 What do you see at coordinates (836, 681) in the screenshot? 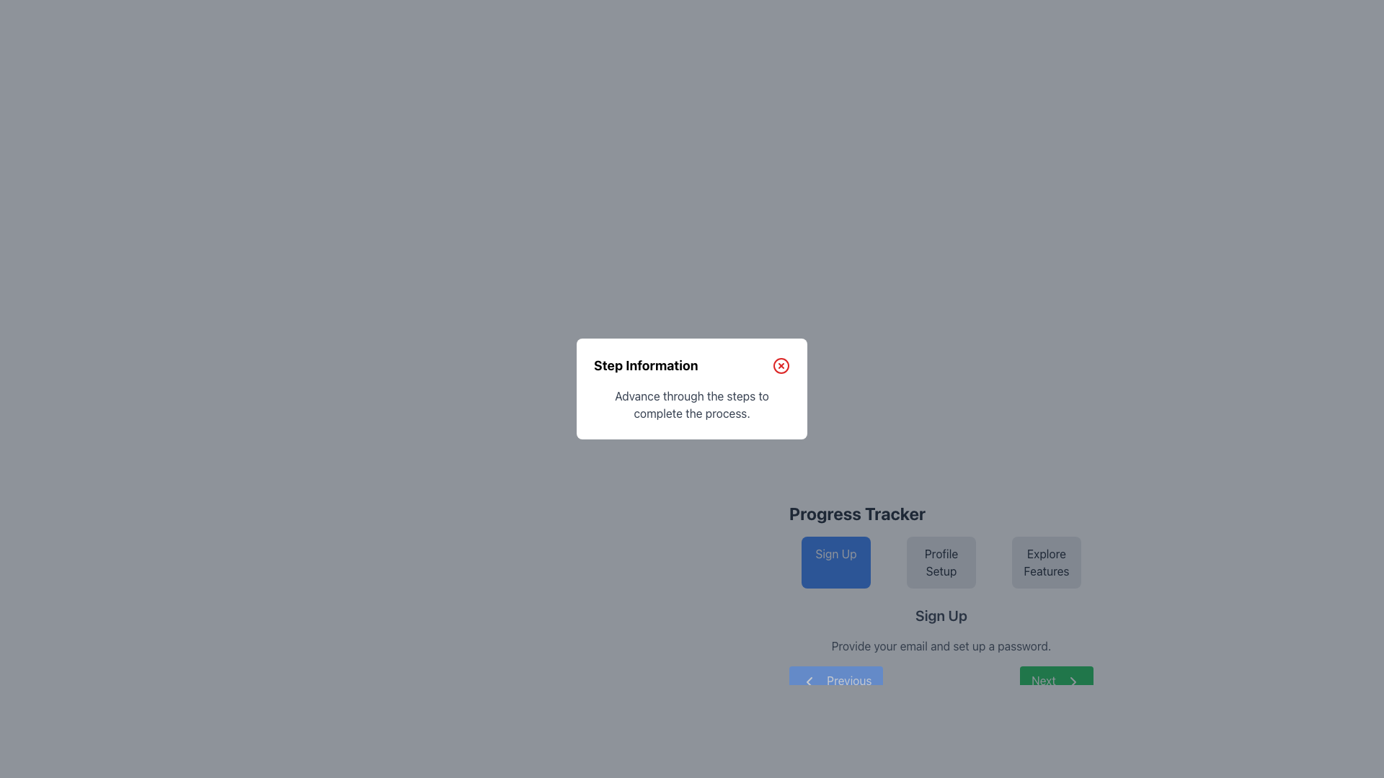
I see `the 'Previous' button, which is a rectangular button with a blue background and white text located at the bottom-center of the interface` at bounding box center [836, 681].